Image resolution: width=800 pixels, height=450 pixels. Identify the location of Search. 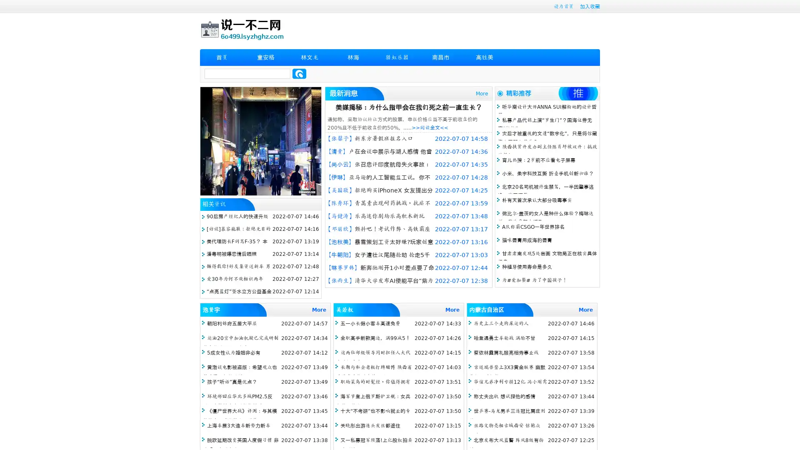
(299, 73).